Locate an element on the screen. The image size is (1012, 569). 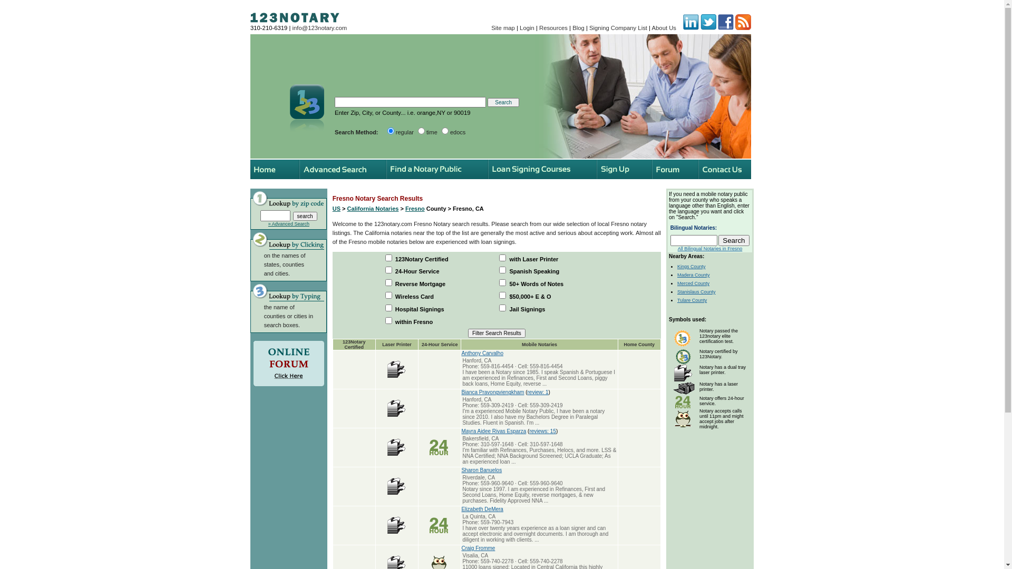
'Bianca Pravongviengkham' is located at coordinates (461, 392).